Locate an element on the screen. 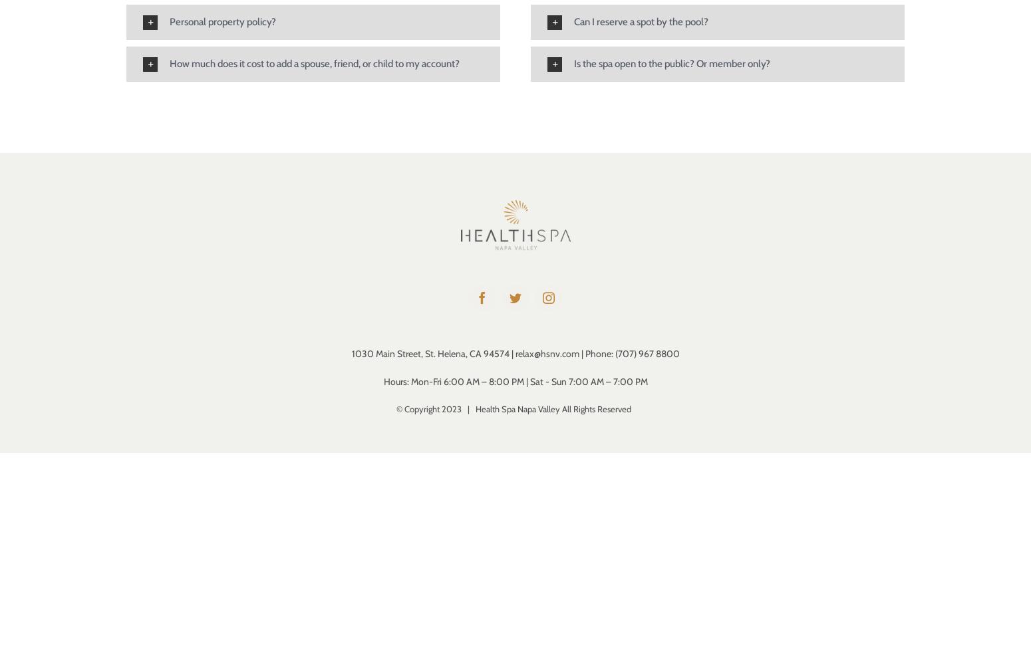 The width and height of the screenshot is (1031, 665). 'Personal property policy?' is located at coordinates (221, 21).